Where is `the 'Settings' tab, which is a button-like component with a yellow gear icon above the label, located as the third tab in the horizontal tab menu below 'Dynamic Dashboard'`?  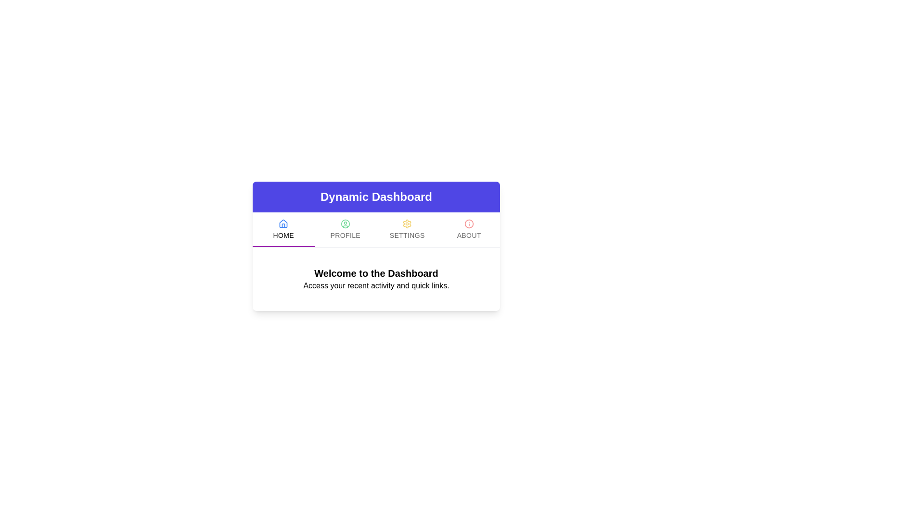
the 'Settings' tab, which is a button-like component with a yellow gear icon above the label, located as the third tab in the horizontal tab menu below 'Dynamic Dashboard' is located at coordinates (407, 230).